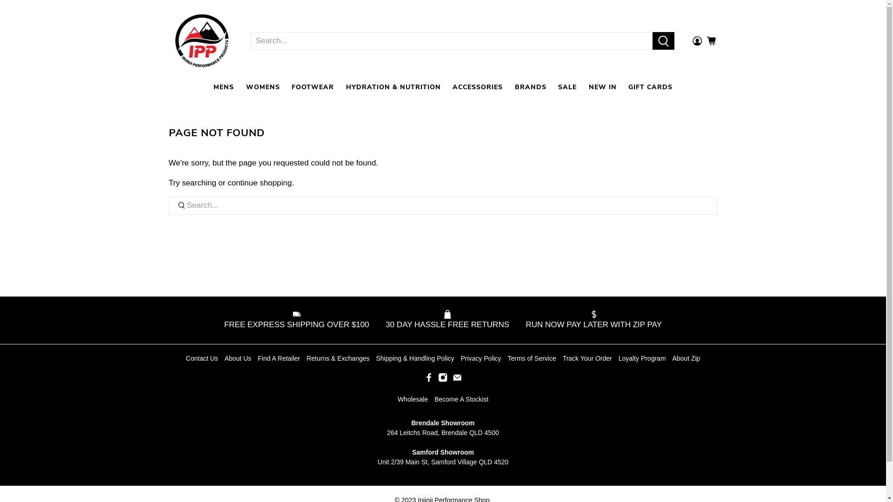 Image resolution: width=893 pixels, height=502 pixels. Describe the element at coordinates (262, 87) in the screenshot. I see `'WOMENS'` at that location.